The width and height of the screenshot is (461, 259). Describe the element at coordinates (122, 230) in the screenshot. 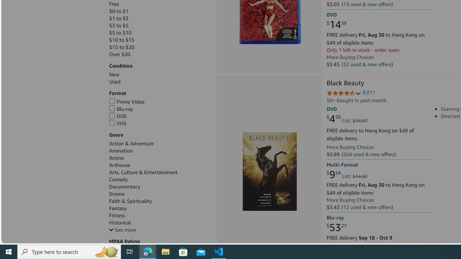

I see `'See more, Genre'` at that location.